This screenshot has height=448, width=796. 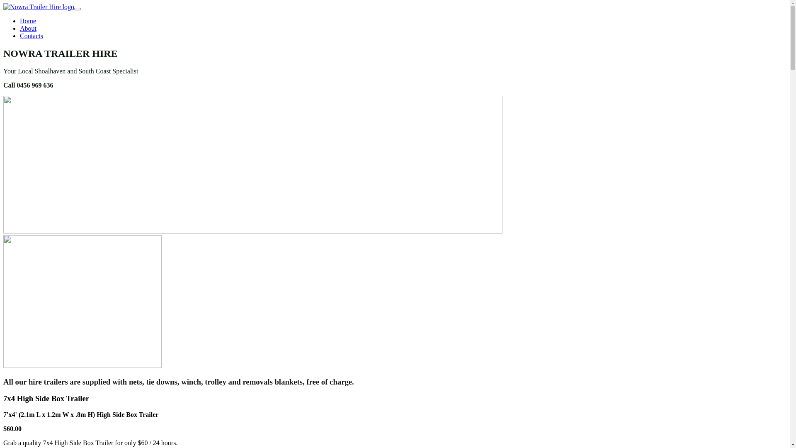 What do you see at coordinates (20, 28) in the screenshot?
I see `'About'` at bounding box center [20, 28].